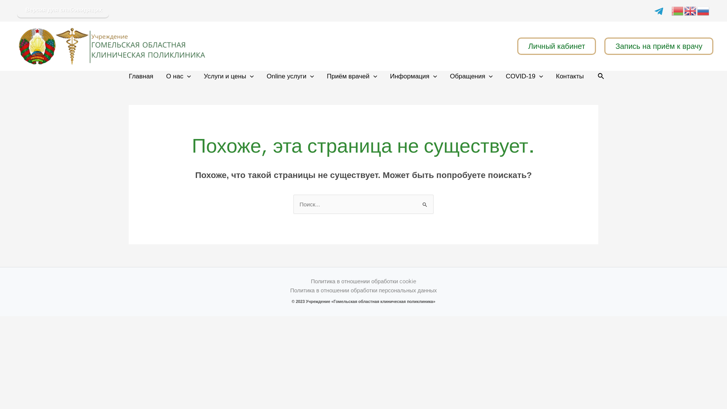  I want to click on 'Russian', so click(697, 10).